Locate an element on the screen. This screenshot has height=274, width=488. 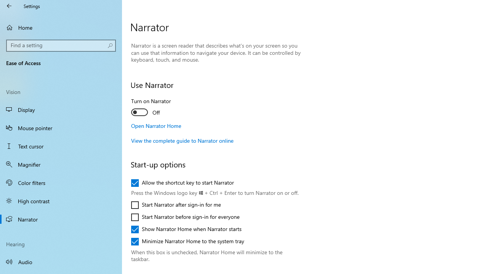
'Turn on Narrator' is located at coordinates (159, 108).